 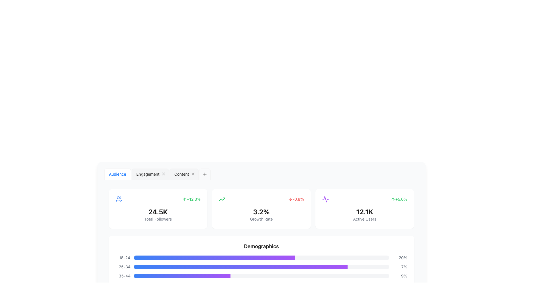 What do you see at coordinates (205, 174) in the screenshot?
I see `the icon located at the end of the horizontal tab navigation strip` at bounding box center [205, 174].